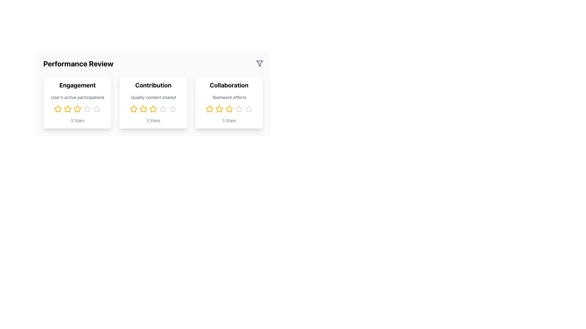  Describe the element at coordinates (77, 121) in the screenshot. I see `the text display element that shows the phrase '3 Stars.' This text is located at the bottom of the 'Engagement' card, centered horizontally below the five-star rating component` at that location.